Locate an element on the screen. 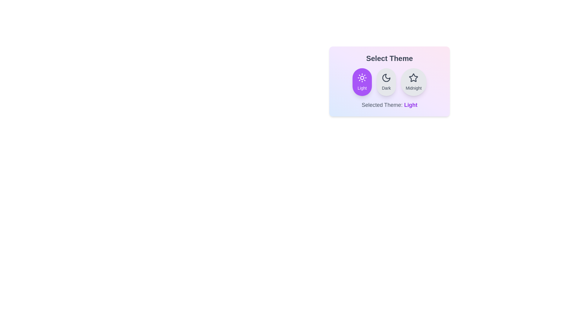 This screenshot has height=326, width=580. the theme button corresponding to the desired theme: Light is located at coordinates (362, 82).